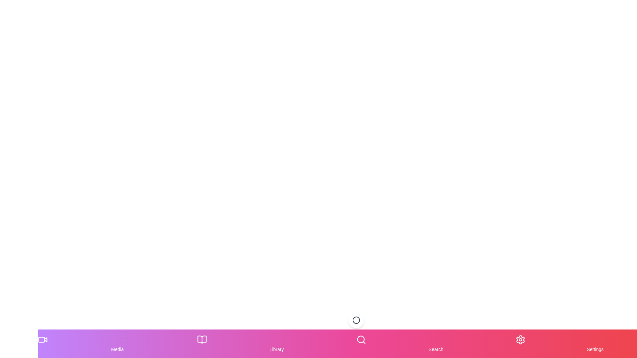 The width and height of the screenshot is (637, 358). What do you see at coordinates (595, 343) in the screenshot?
I see `the Settings tab in the bottom navigation menu` at bounding box center [595, 343].